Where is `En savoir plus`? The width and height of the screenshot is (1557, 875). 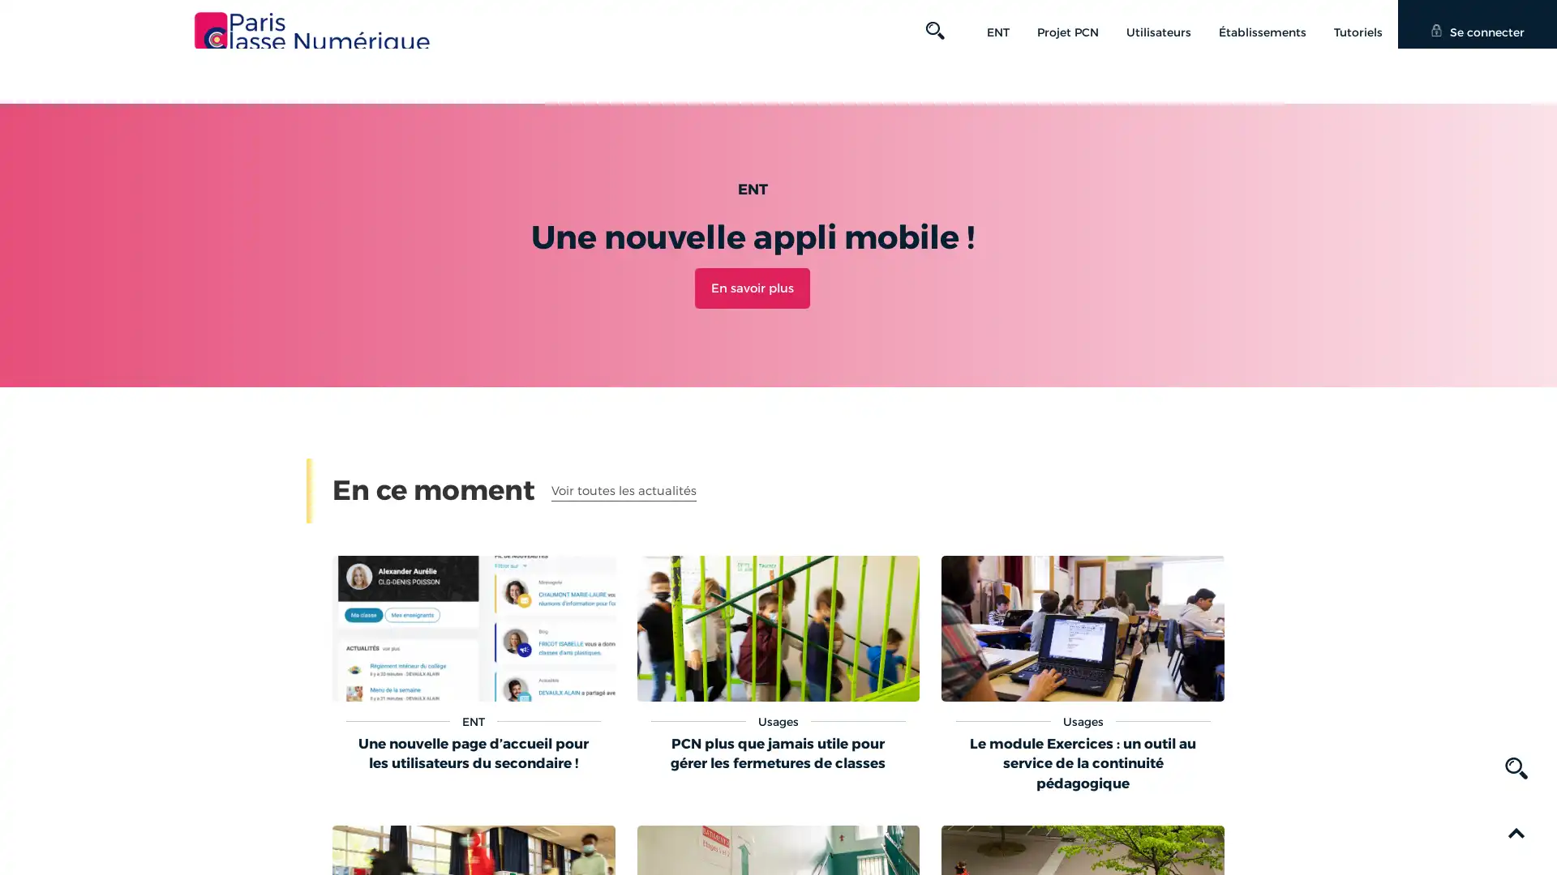
En savoir plus is located at coordinates (751, 286).